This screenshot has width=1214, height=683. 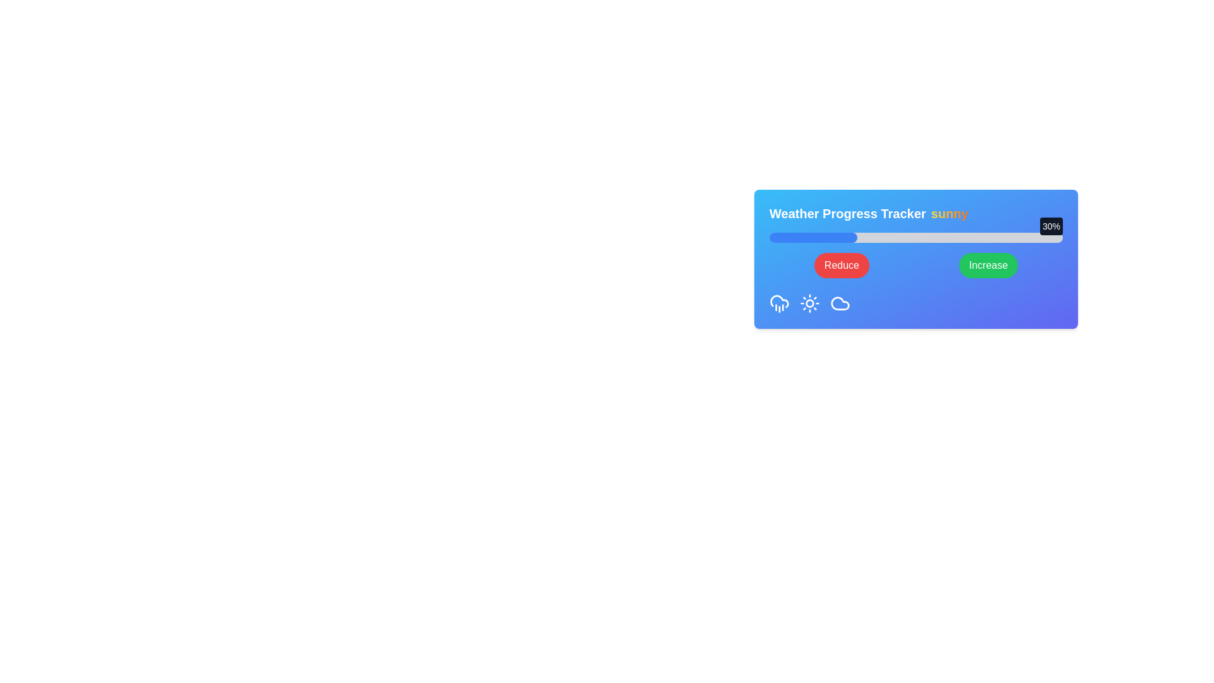 What do you see at coordinates (1051, 226) in the screenshot?
I see `the text display element that shows '30%' in white on a dark gray background, positioned at the top-right corner of the progress bar` at bounding box center [1051, 226].